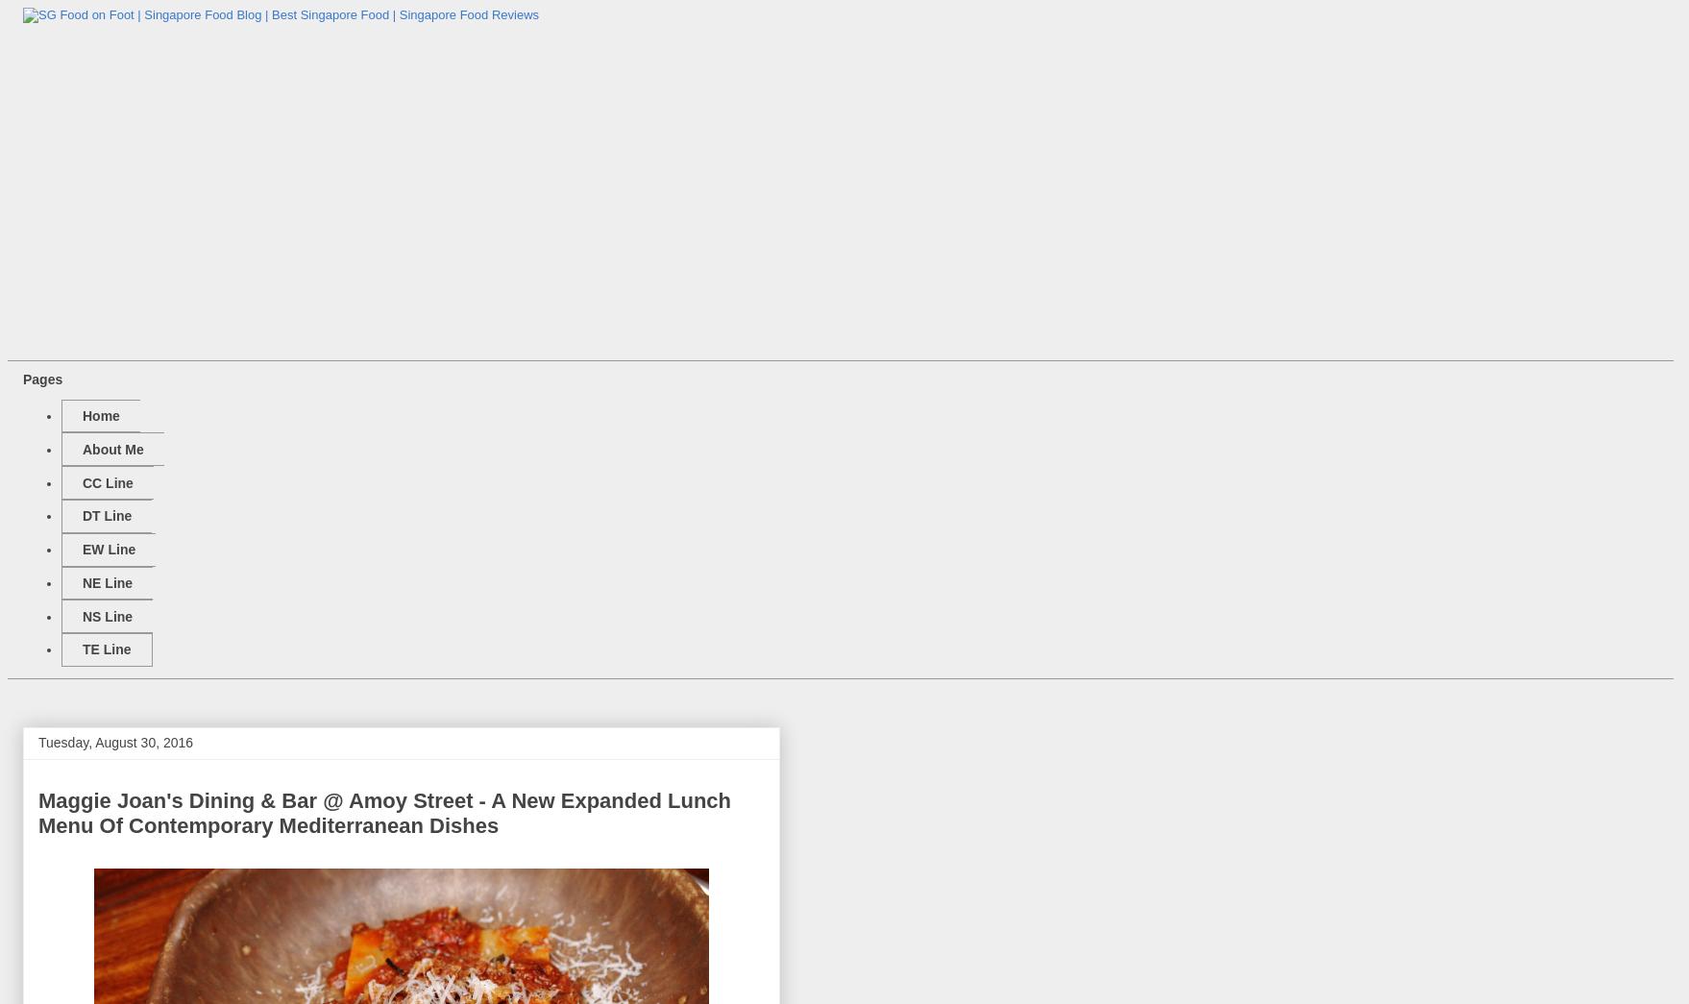  What do you see at coordinates (107, 616) in the screenshot?
I see `'NS Line'` at bounding box center [107, 616].